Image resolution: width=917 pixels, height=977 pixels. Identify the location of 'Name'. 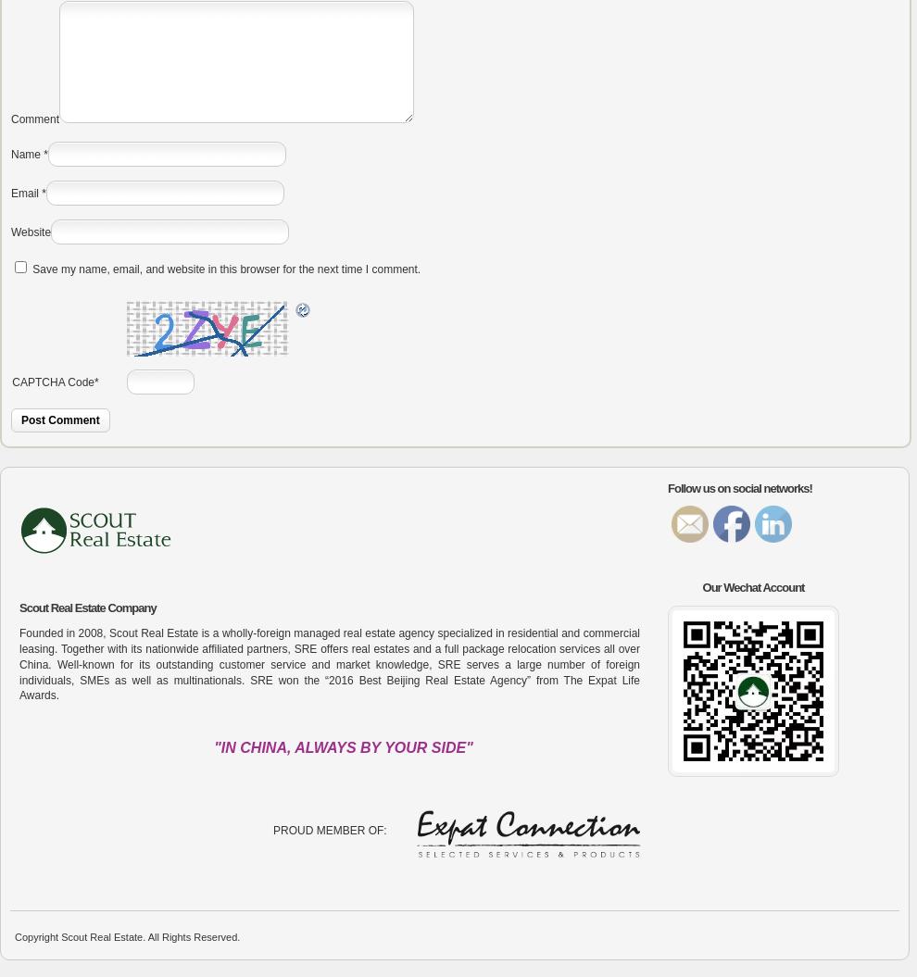
(25, 155).